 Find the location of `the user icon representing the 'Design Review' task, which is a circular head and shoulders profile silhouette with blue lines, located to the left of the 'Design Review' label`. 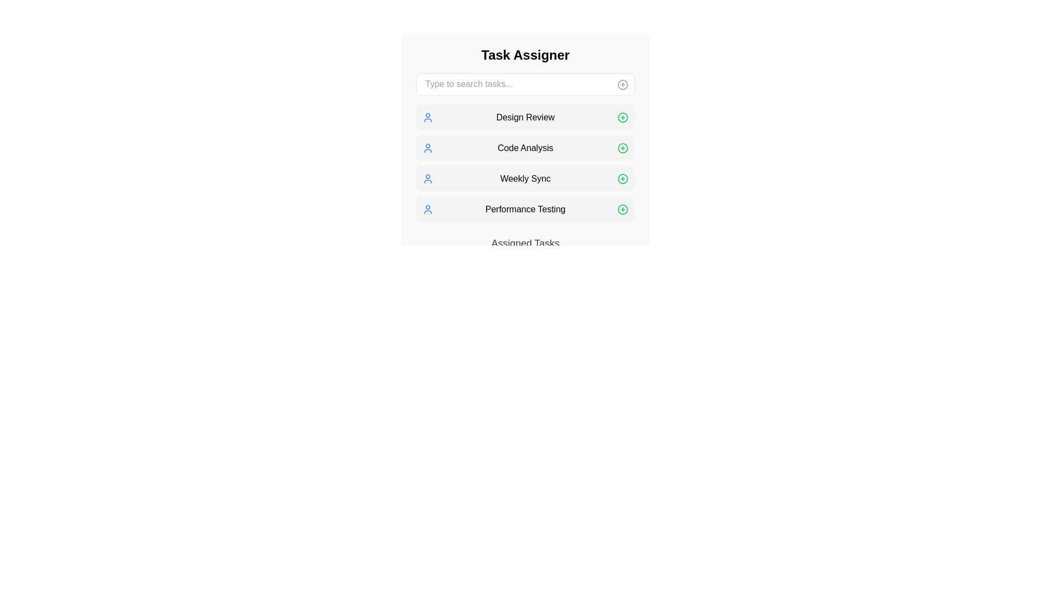

the user icon representing the 'Design Review' task, which is a circular head and shoulders profile silhouette with blue lines, located to the left of the 'Design Review' label is located at coordinates (428, 118).